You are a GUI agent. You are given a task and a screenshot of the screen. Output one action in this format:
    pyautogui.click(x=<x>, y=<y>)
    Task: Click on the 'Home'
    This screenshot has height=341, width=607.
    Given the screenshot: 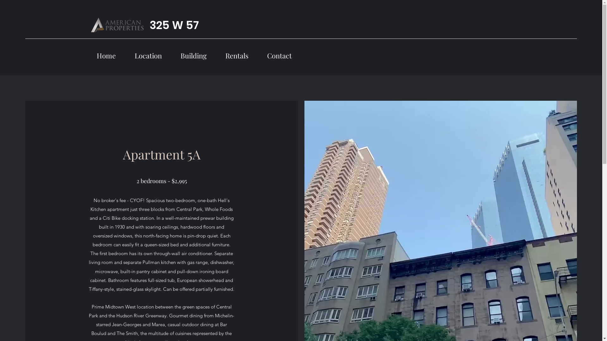 What is the action you would take?
    pyautogui.click(x=110, y=52)
    